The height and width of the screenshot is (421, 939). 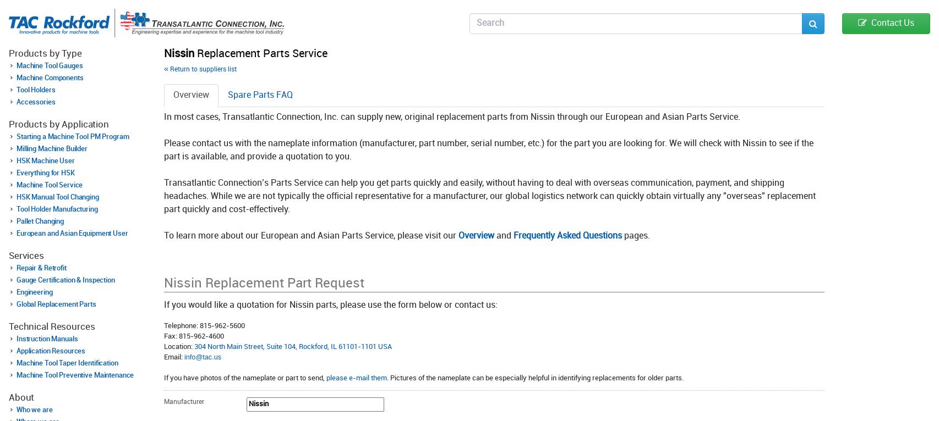 What do you see at coordinates (535, 378) in the screenshot?
I see `'. 
                Pictures of the nameplate can be especially helpful in identifying replacements for older parts.'` at bounding box center [535, 378].